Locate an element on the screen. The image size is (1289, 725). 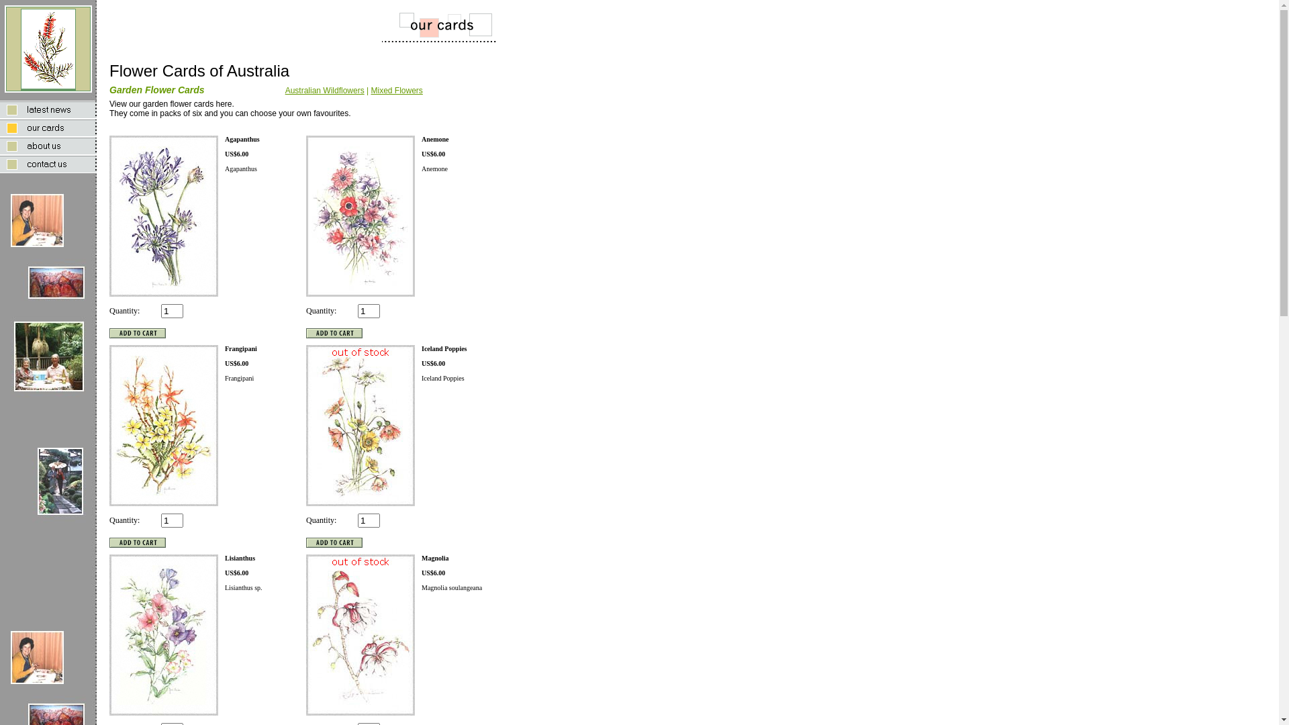
'title_products' is located at coordinates (426, 26).